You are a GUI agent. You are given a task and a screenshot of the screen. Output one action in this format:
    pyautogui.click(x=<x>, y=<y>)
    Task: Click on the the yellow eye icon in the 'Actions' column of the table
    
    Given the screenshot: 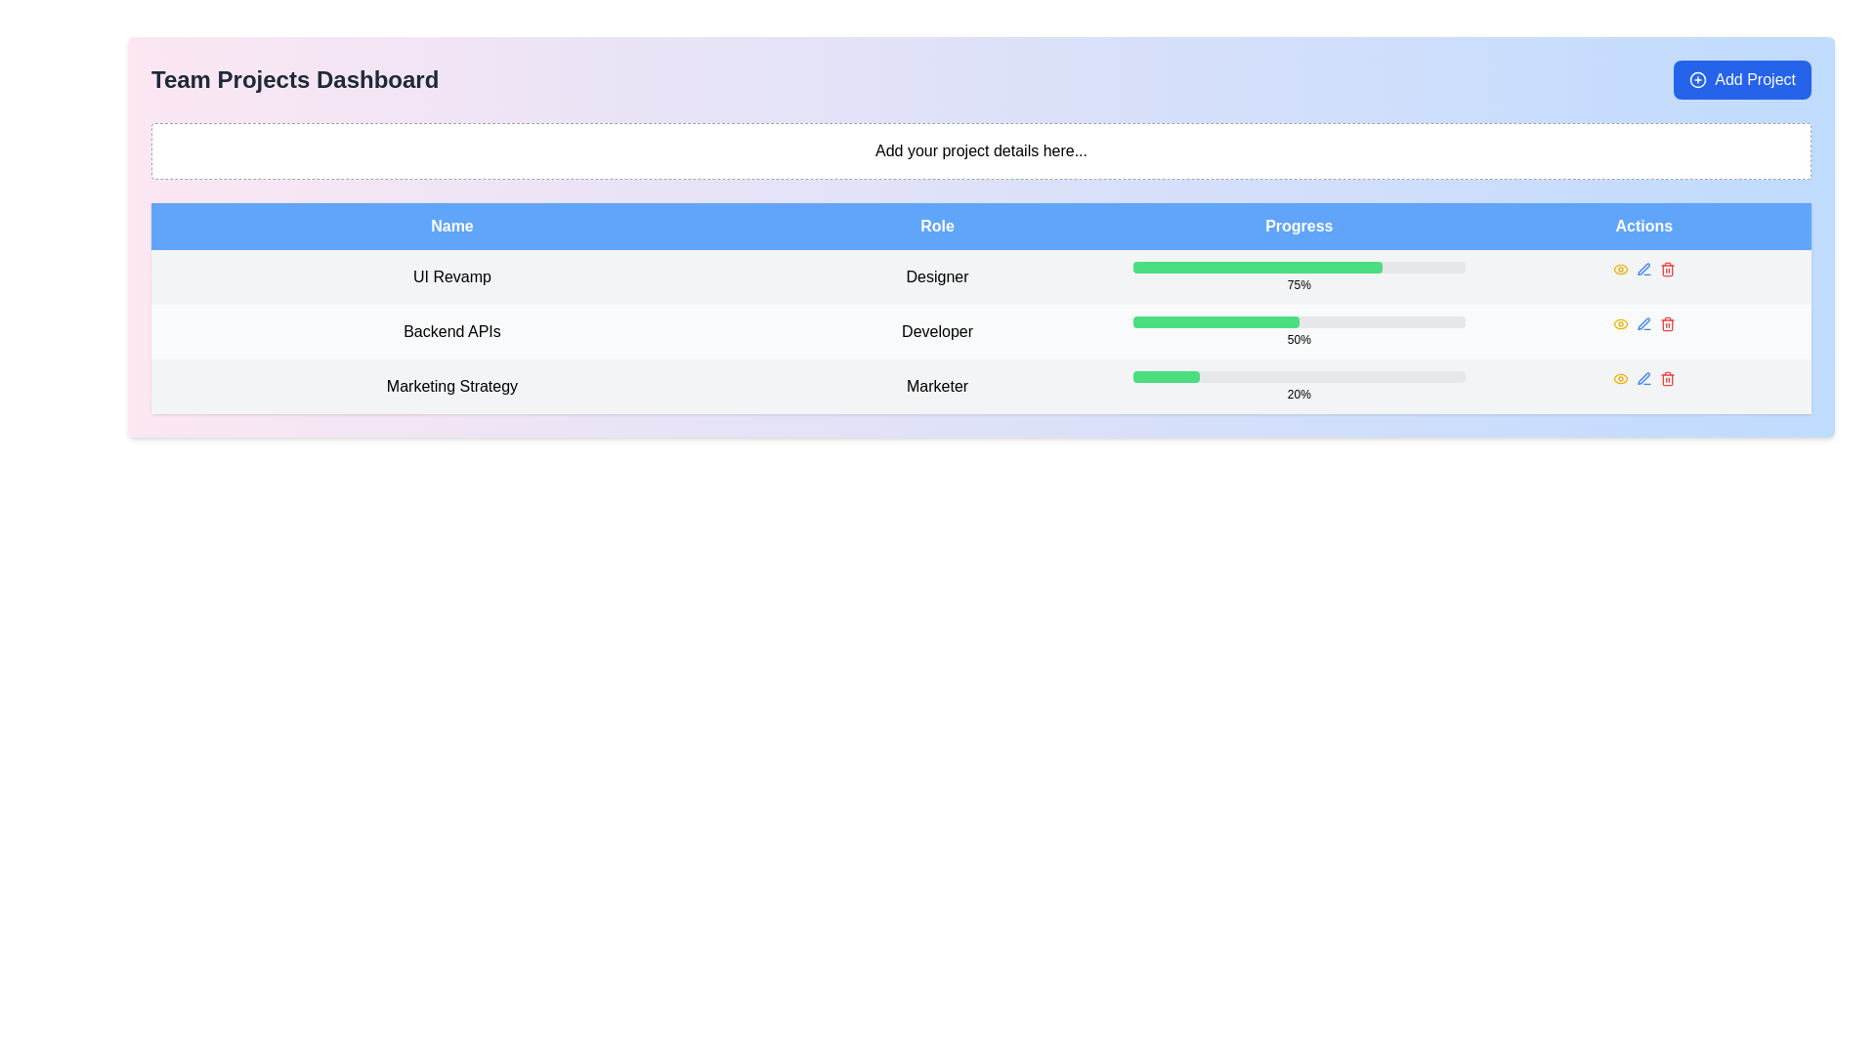 What is the action you would take?
    pyautogui.click(x=1620, y=270)
    